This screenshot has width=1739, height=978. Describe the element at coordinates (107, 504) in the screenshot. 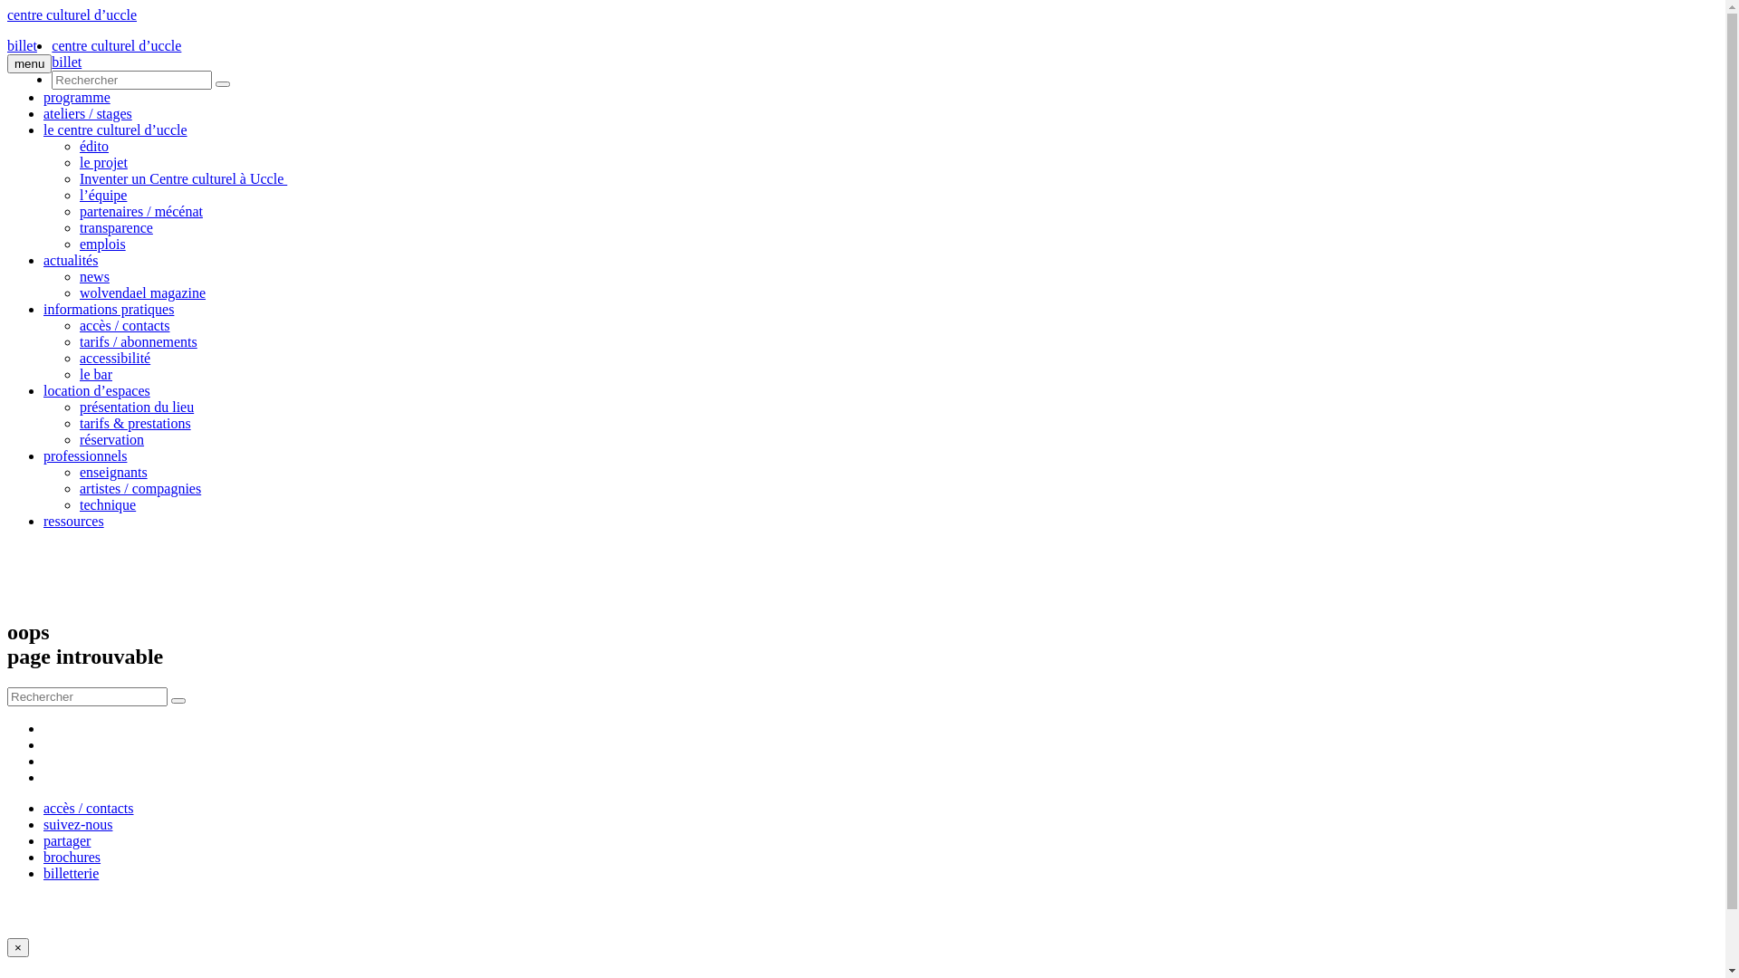

I see `'technique'` at that location.